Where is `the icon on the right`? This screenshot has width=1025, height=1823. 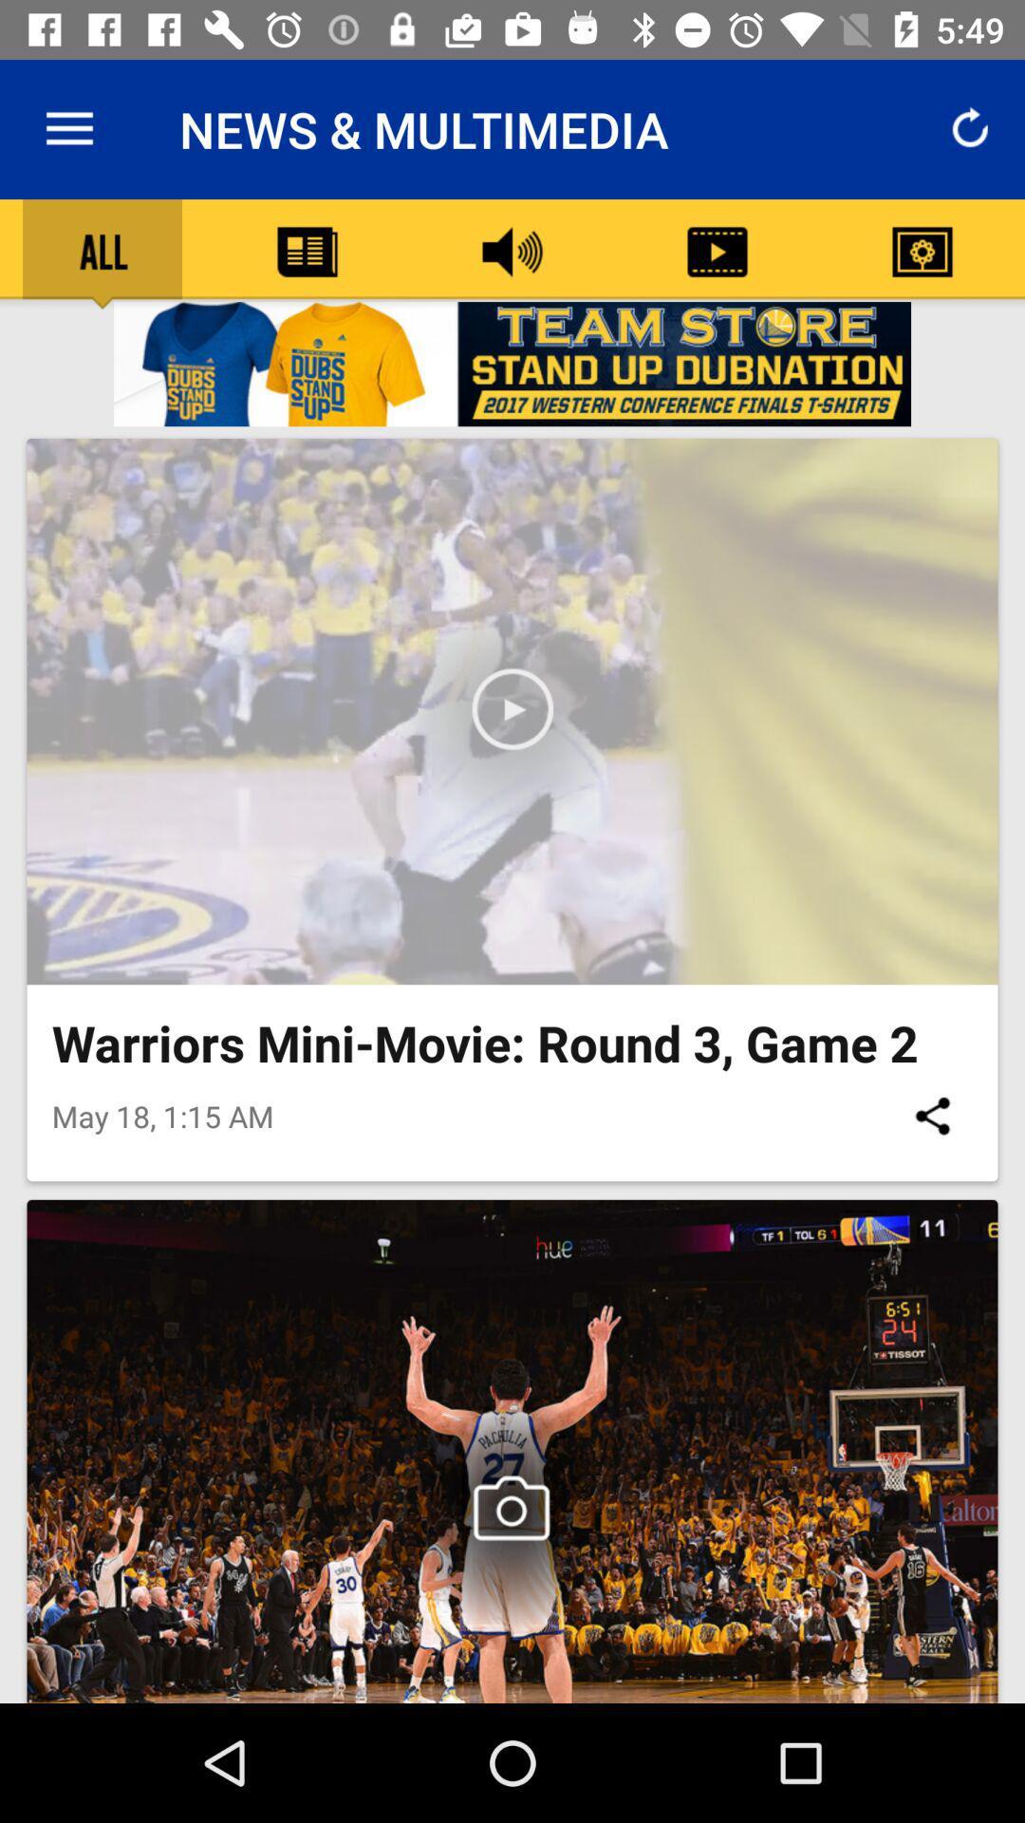 the icon on the right is located at coordinates (931, 1116).